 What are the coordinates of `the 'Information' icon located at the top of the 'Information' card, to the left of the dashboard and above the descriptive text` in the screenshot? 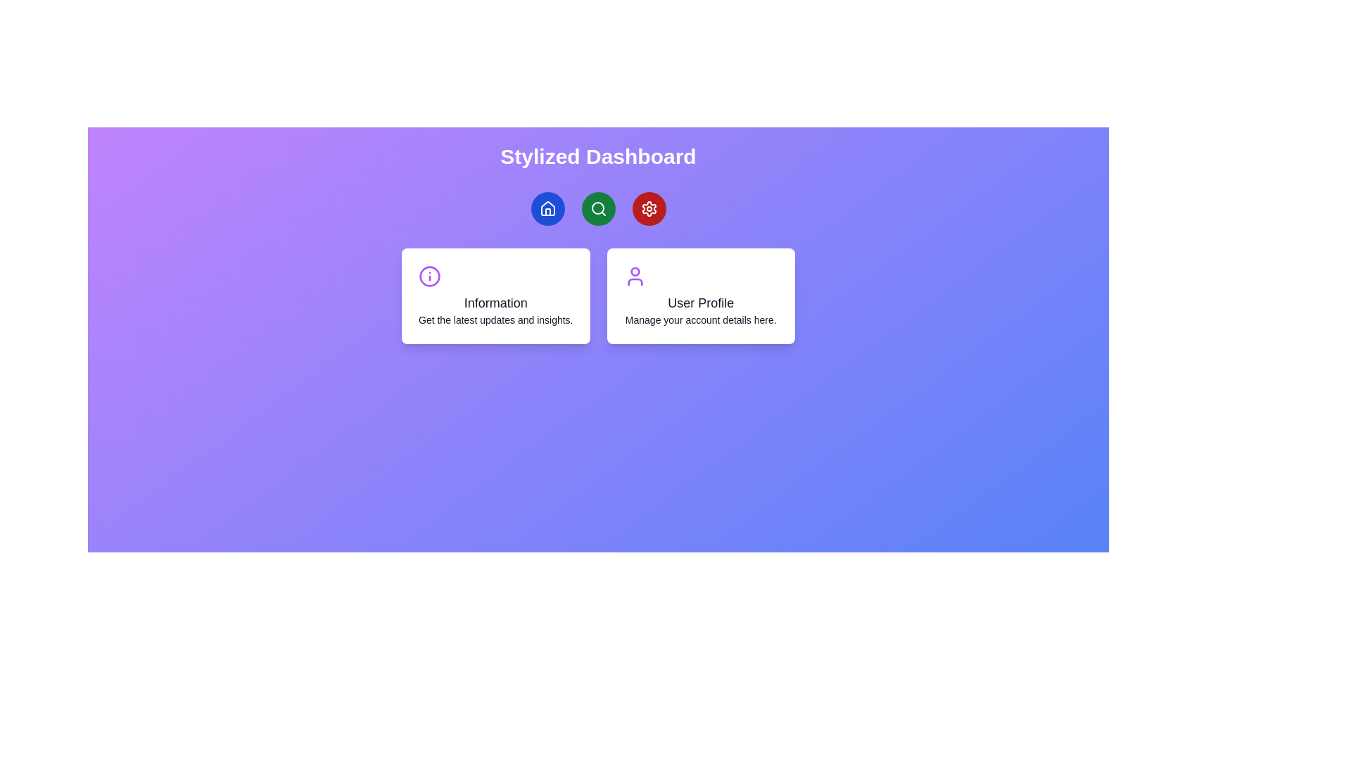 It's located at (429, 277).